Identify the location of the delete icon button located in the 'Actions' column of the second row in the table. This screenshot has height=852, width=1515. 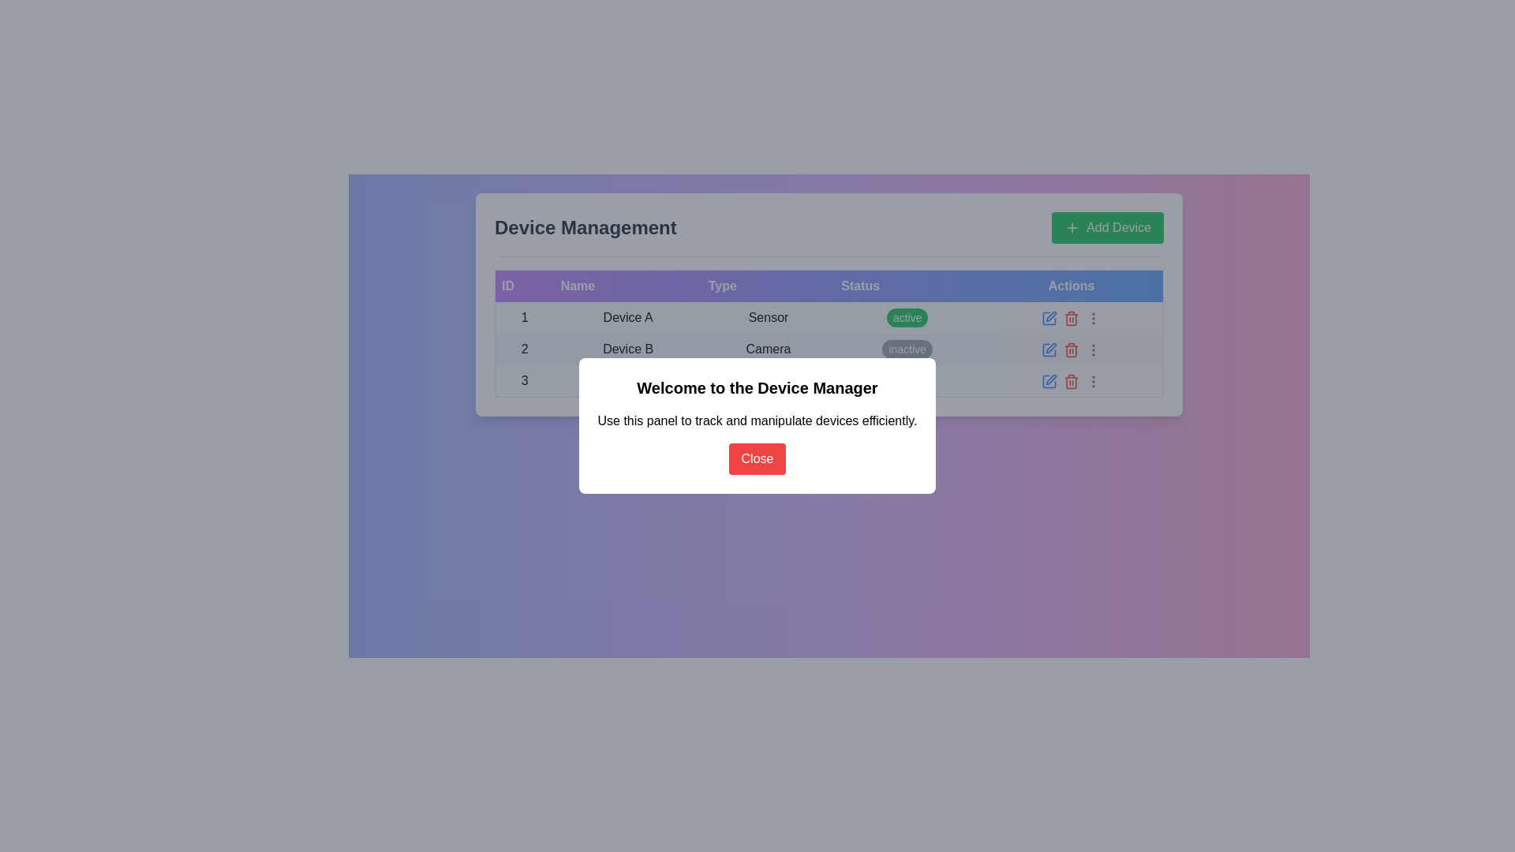
(1072, 318).